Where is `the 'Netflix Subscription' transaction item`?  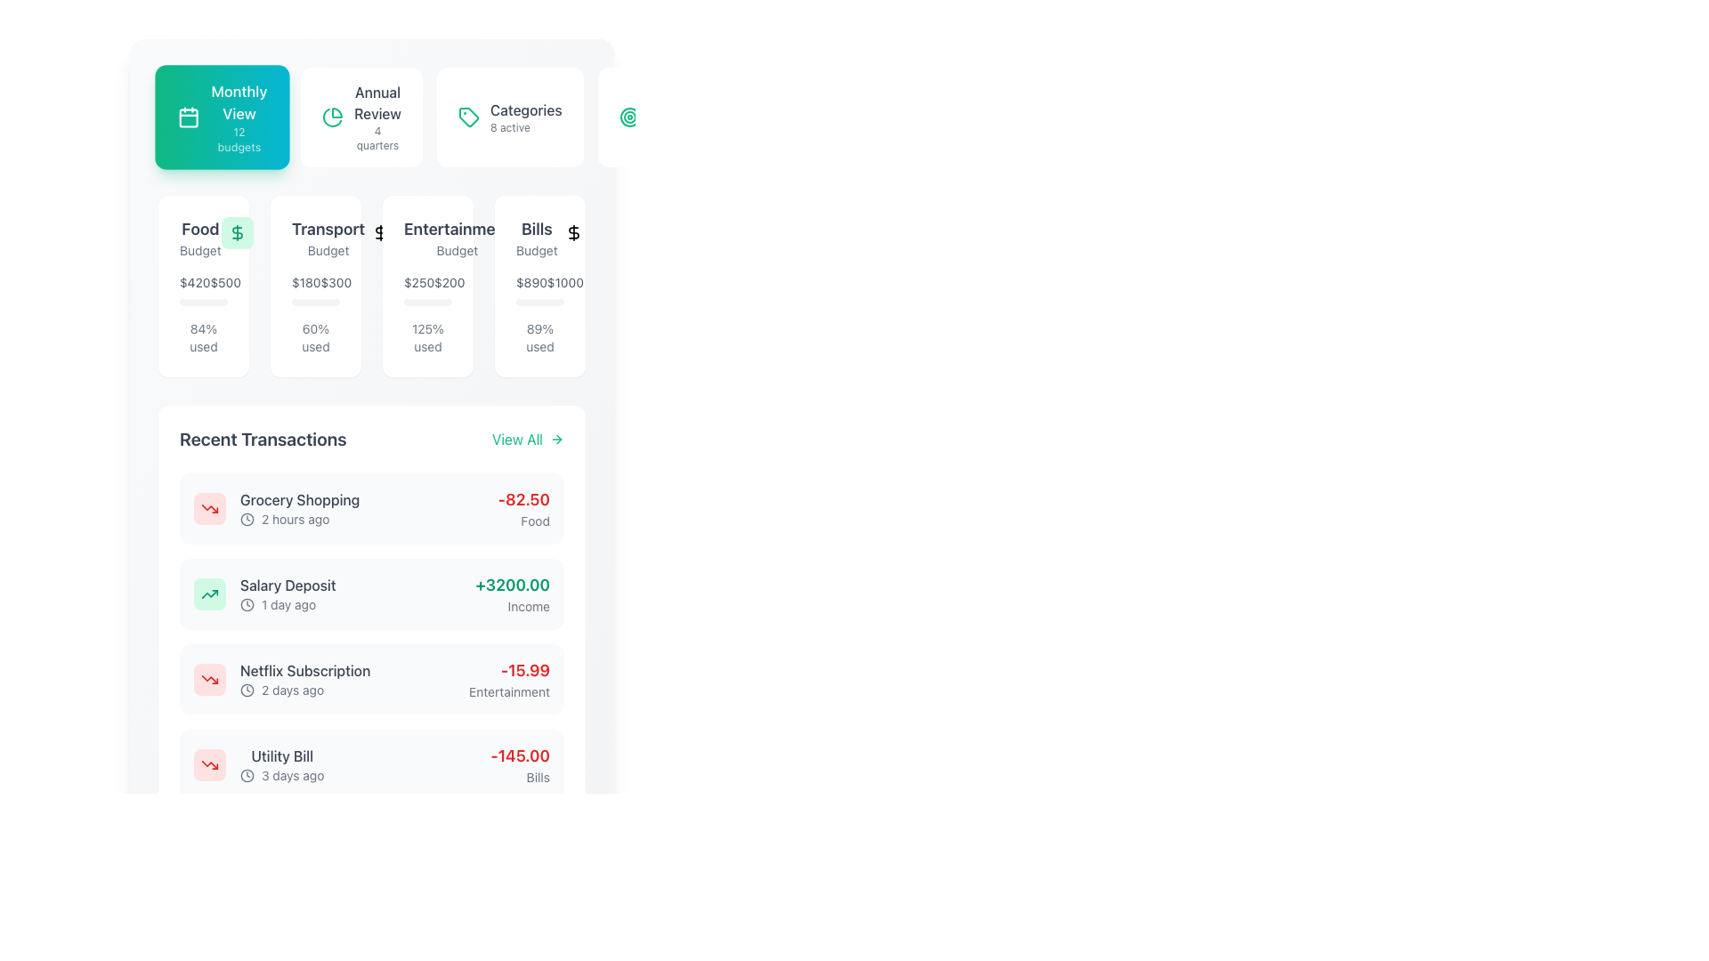
the 'Netflix Subscription' transaction item is located at coordinates (370, 679).